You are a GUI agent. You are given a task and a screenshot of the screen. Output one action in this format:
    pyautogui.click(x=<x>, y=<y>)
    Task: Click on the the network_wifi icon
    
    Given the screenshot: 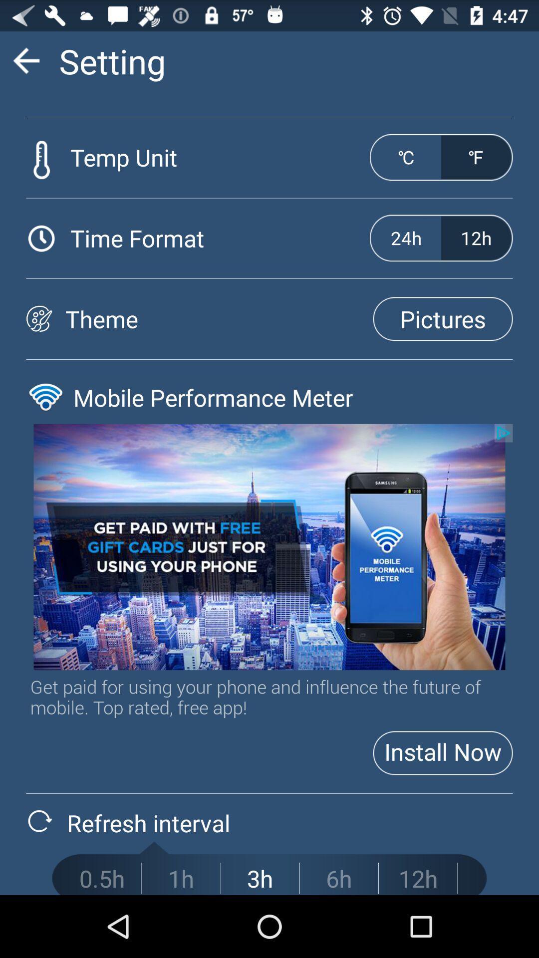 What is the action you would take?
    pyautogui.click(x=45, y=425)
    